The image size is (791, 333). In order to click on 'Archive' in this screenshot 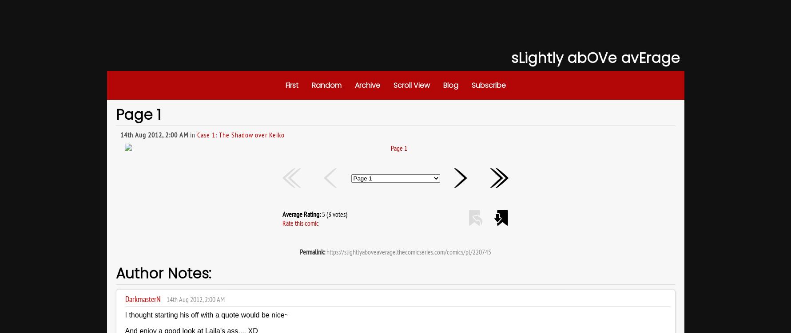, I will do `click(354, 85)`.